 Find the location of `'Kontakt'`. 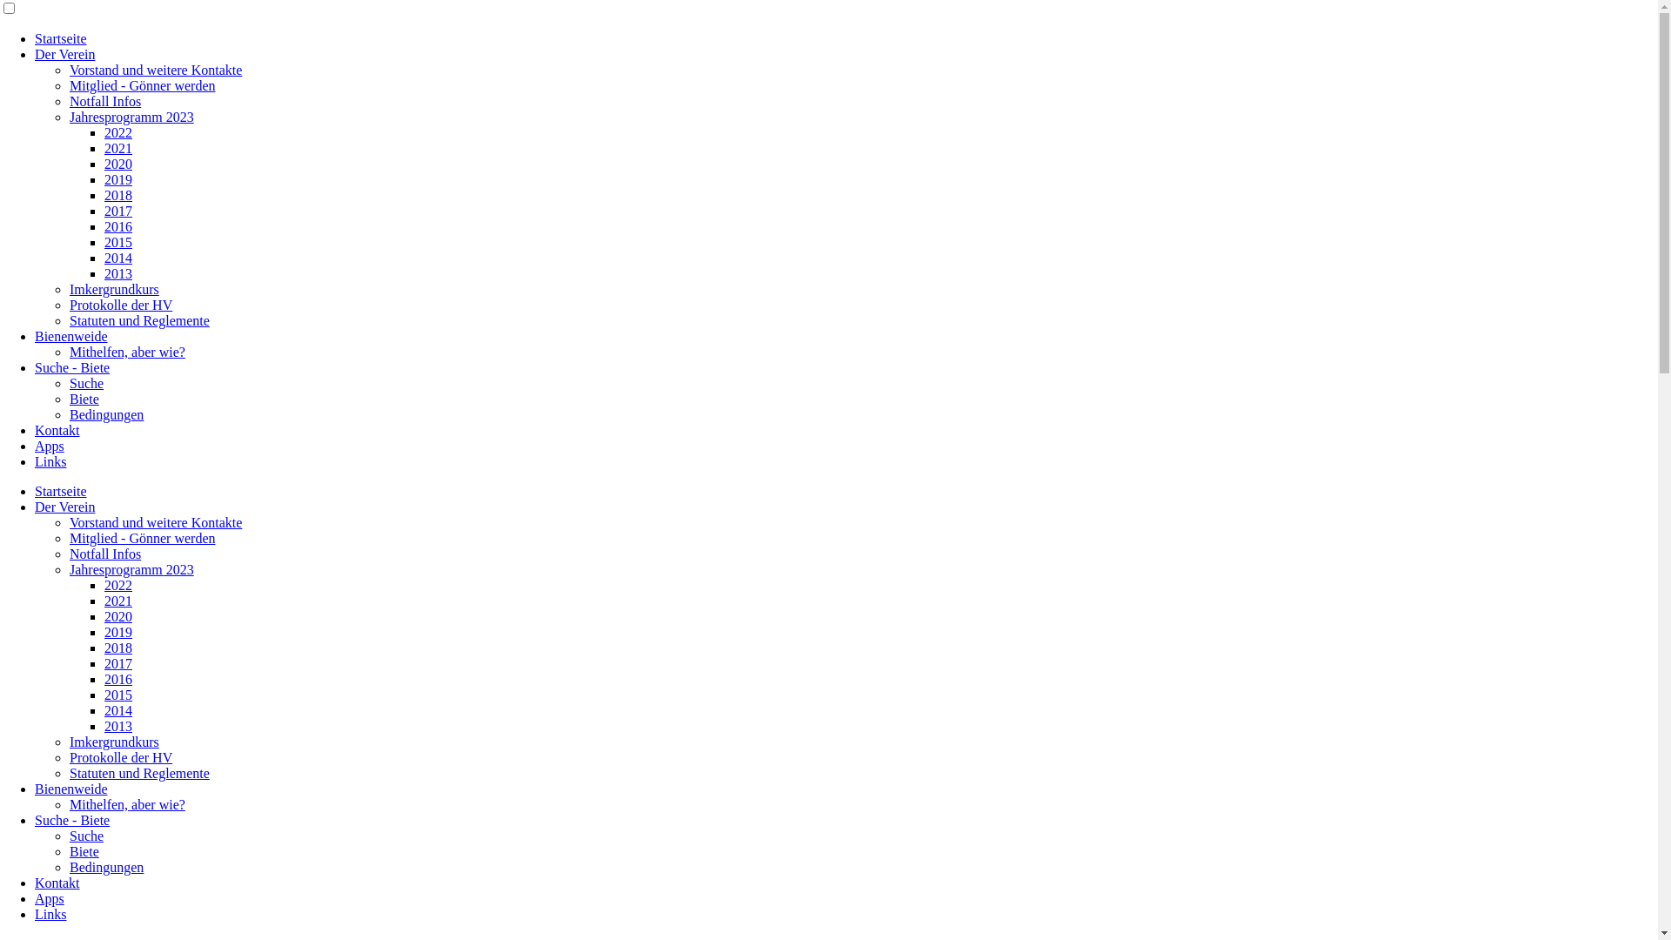

'Kontakt' is located at coordinates (57, 883).